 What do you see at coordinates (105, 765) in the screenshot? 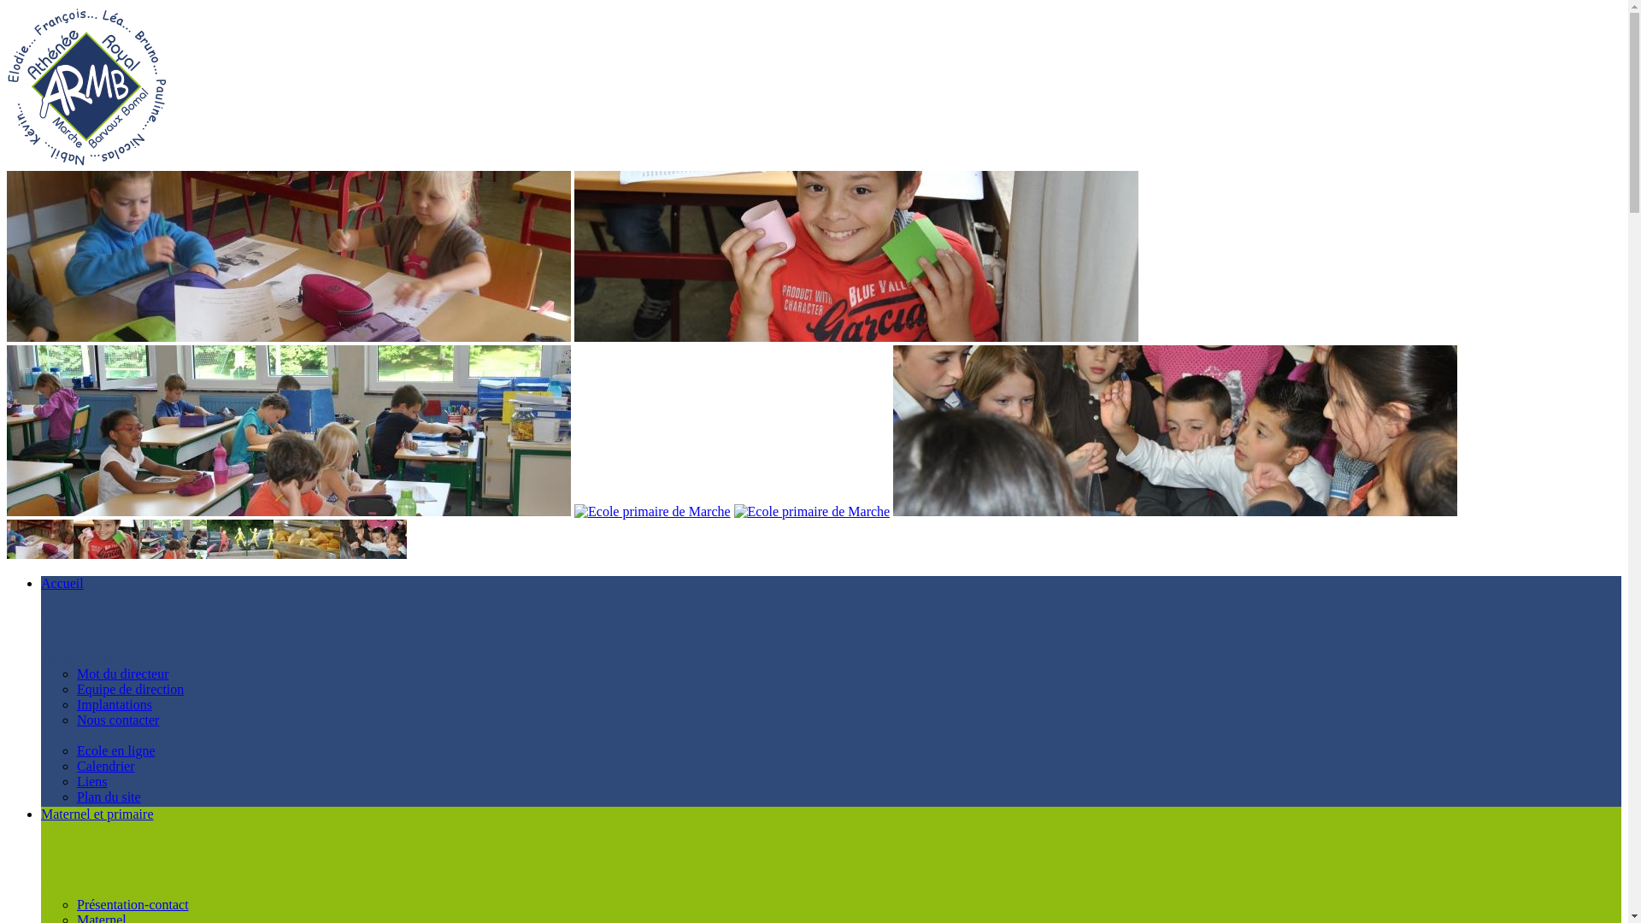
I see `'Calendrier'` at bounding box center [105, 765].